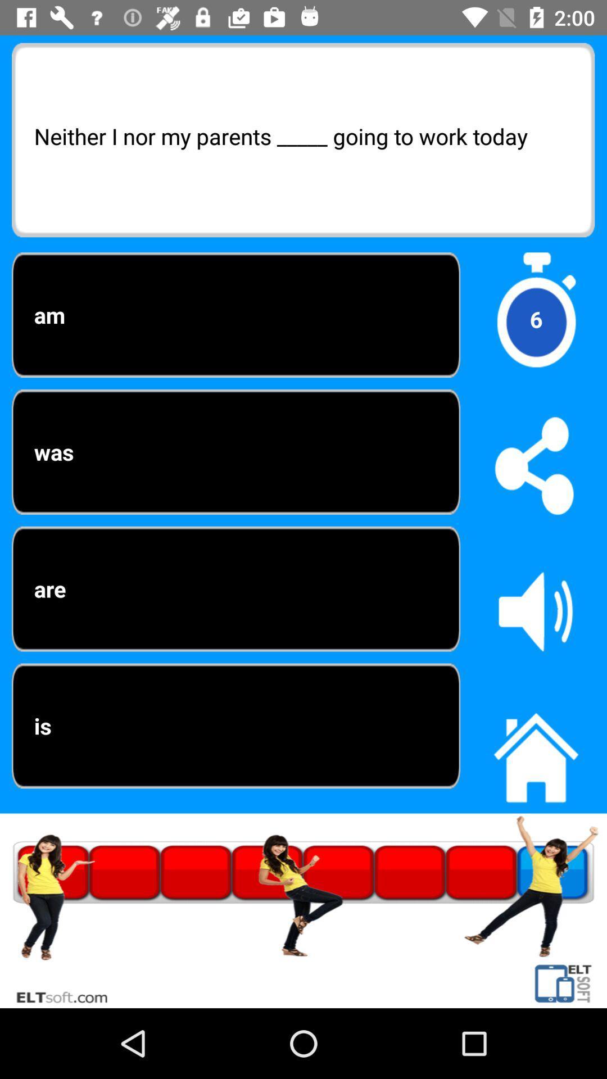 The height and width of the screenshot is (1079, 607). Describe the element at coordinates (535, 751) in the screenshot. I see `button at the bottom right corner` at that location.